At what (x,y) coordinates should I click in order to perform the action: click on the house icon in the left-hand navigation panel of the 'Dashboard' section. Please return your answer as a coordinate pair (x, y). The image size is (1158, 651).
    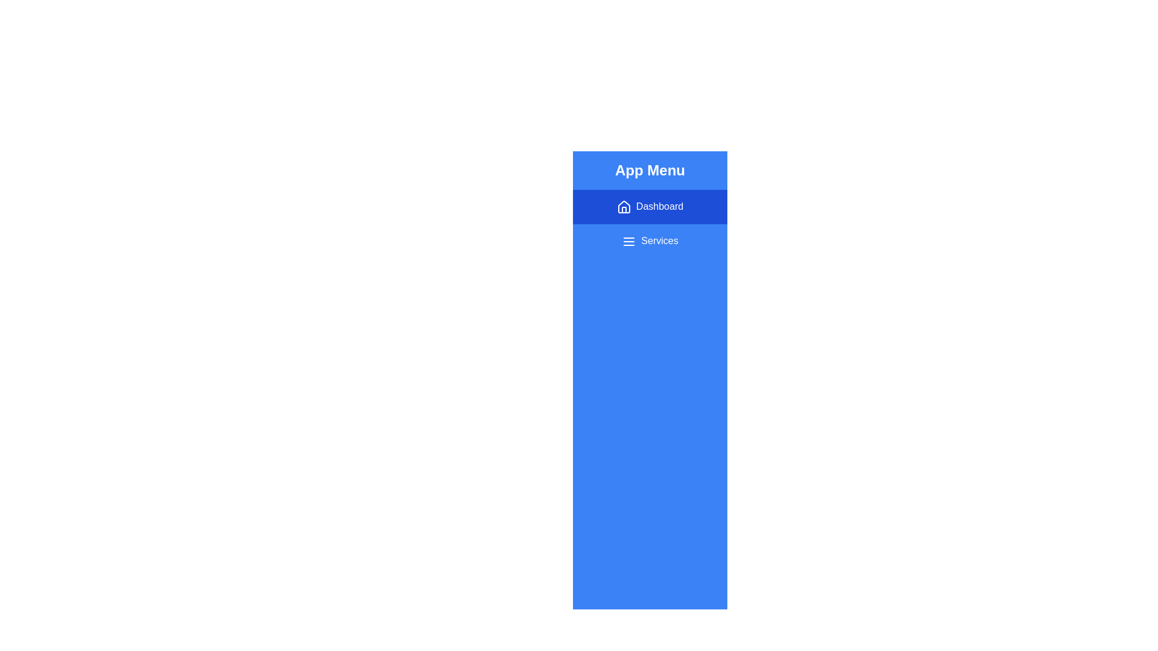
    Looking at the image, I should click on (624, 206).